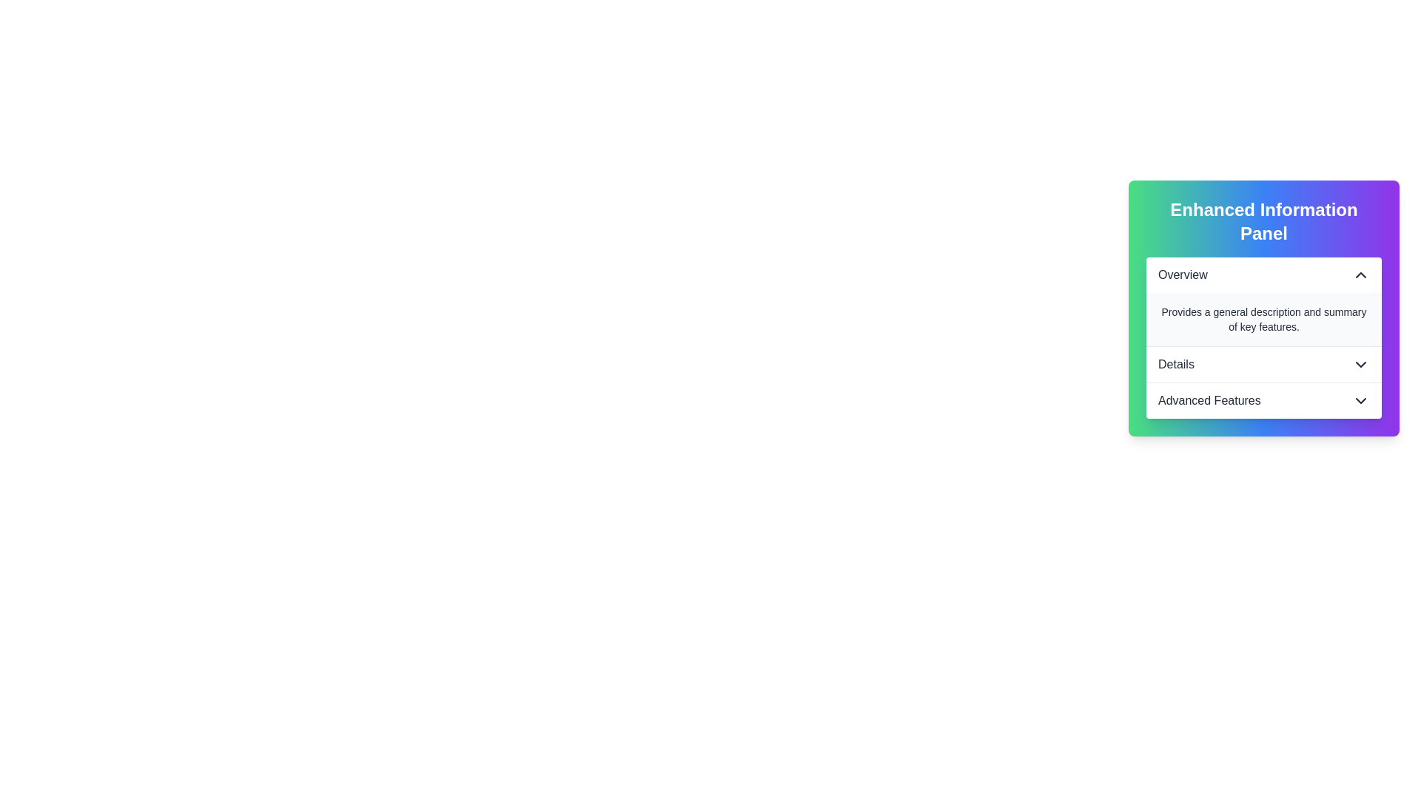 The image size is (1421, 799). I want to click on the 'Advanced Features' dropdown list heading, so click(1263, 399).